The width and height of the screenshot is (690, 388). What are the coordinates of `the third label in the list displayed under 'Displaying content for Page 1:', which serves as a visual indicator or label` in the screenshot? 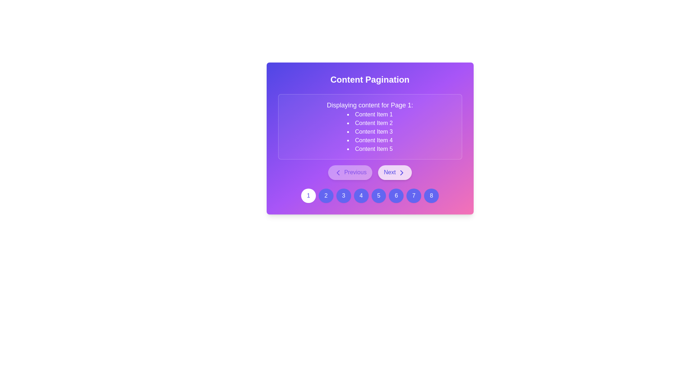 It's located at (370, 131).